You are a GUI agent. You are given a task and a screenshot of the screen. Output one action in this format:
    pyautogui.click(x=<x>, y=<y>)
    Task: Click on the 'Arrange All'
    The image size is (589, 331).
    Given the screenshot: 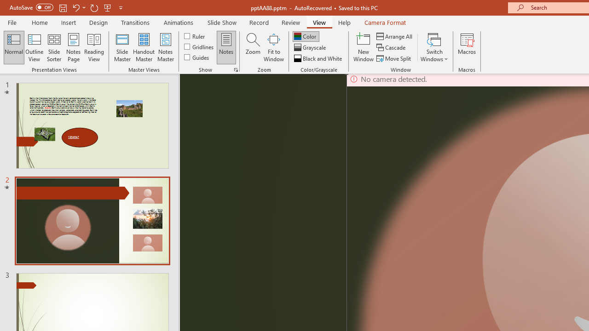 What is the action you would take?
    pyautogui.click(x=395, y=36)
    